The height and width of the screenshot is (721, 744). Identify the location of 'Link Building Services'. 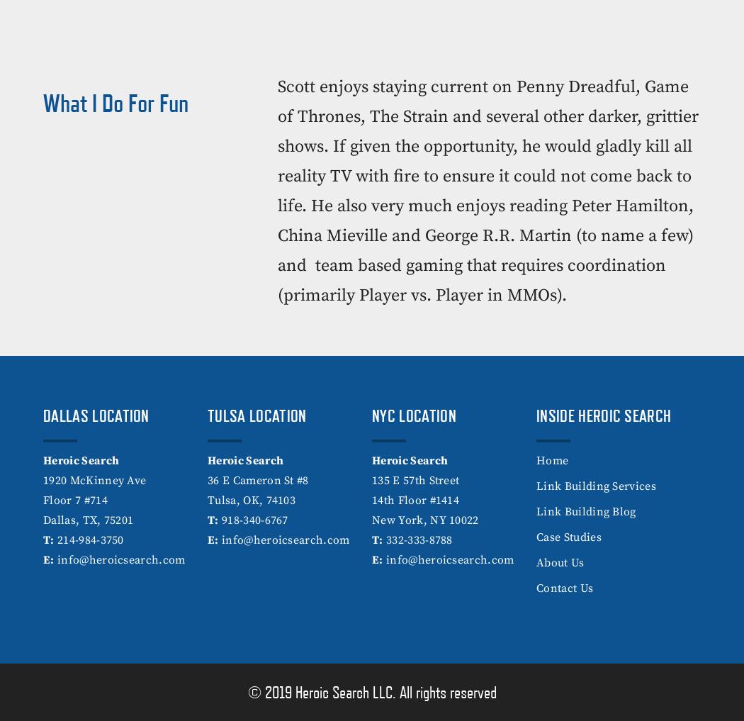
(596, 485).